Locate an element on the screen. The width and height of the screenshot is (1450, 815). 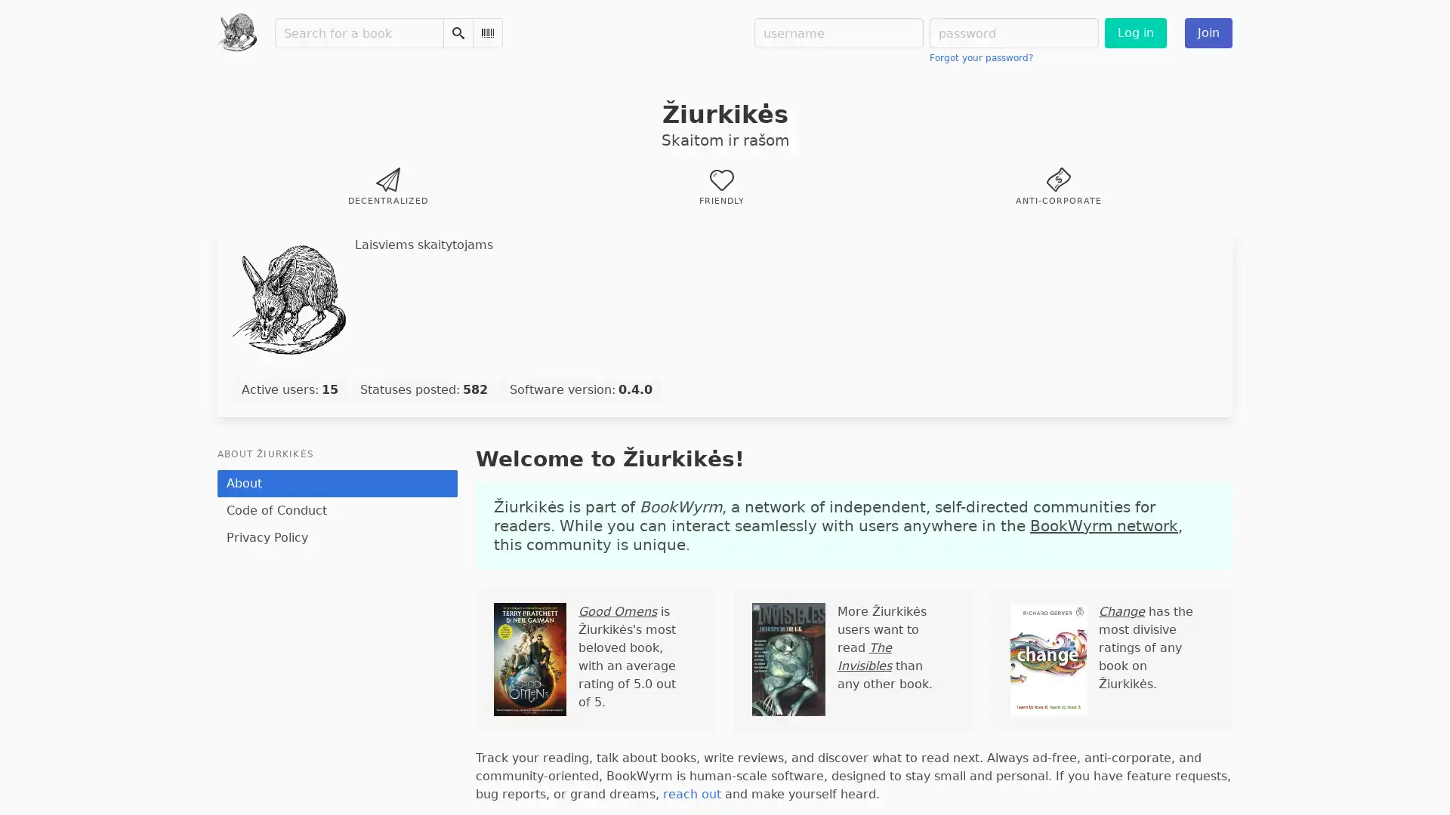
Search is located at coordinates (456, 32).